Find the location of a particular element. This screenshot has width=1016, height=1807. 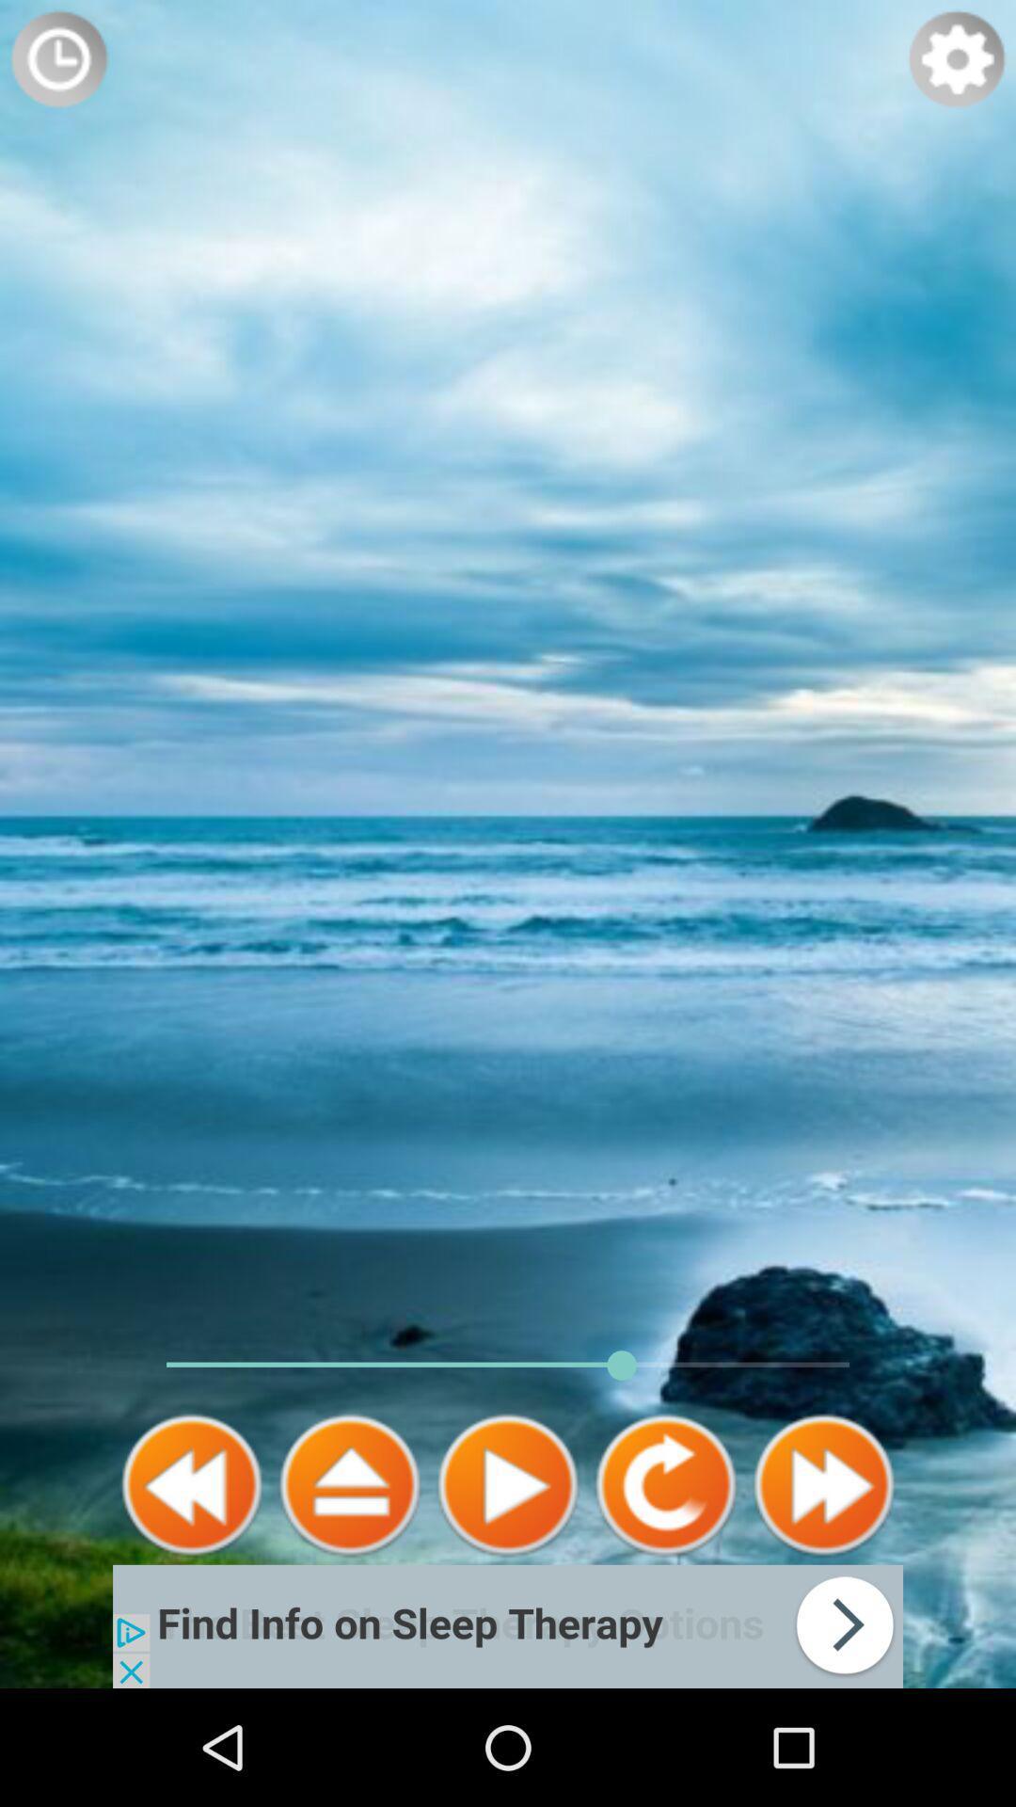

the home icon is located at coordinates (349, 1589).